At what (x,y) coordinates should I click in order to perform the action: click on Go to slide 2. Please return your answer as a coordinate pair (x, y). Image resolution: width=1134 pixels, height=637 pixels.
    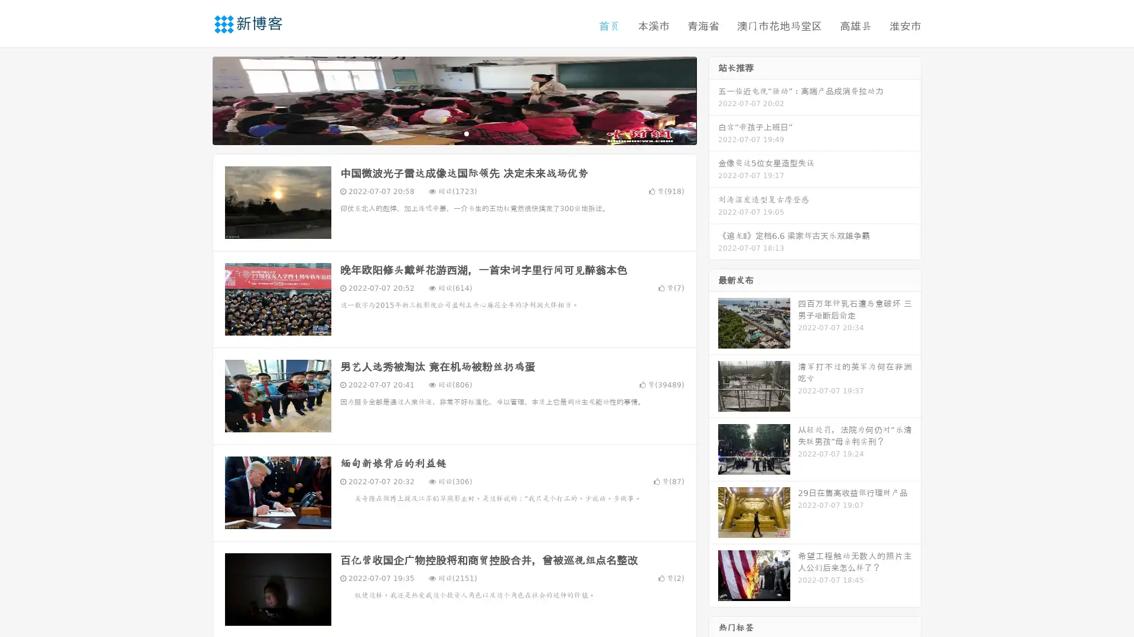
    Looking at the image, I should click on (454, 133).